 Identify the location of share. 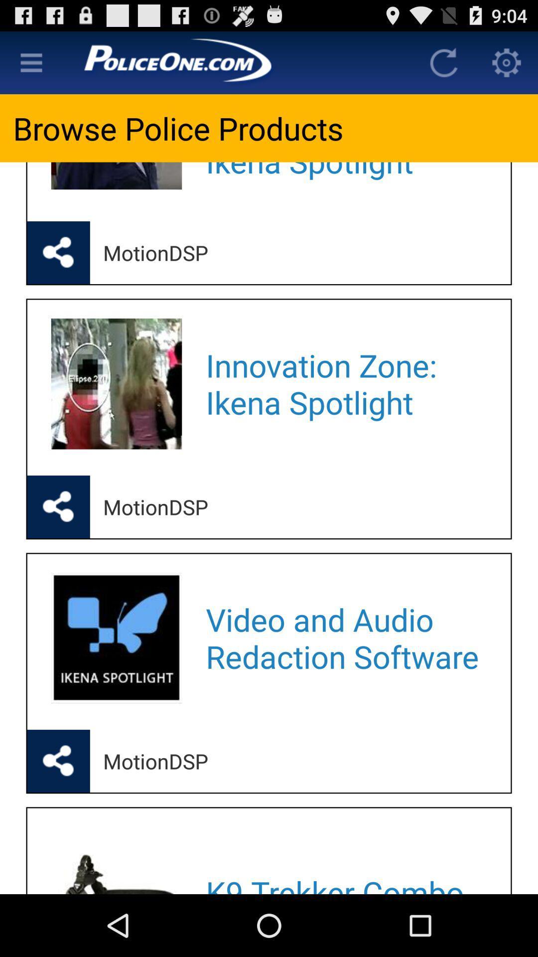
(58, 253).